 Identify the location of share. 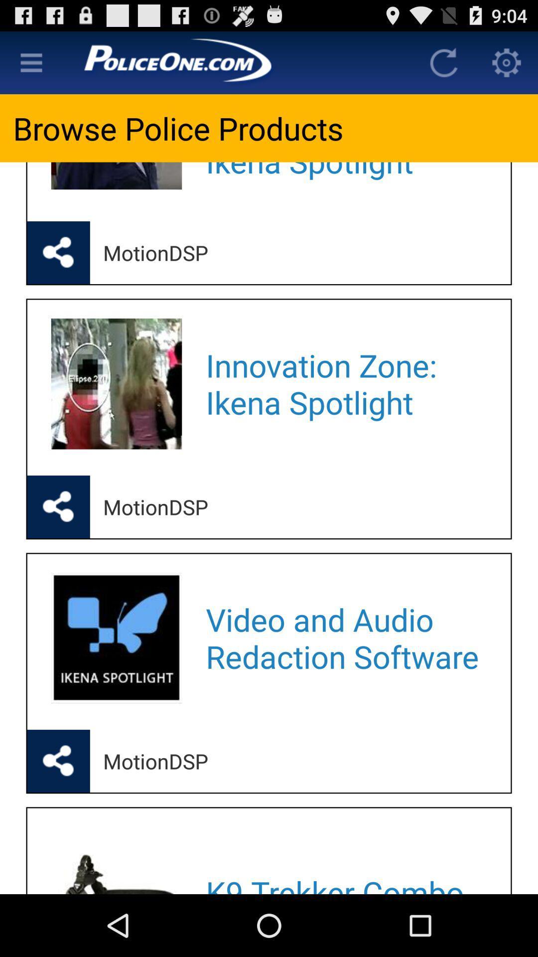
(58, 253).